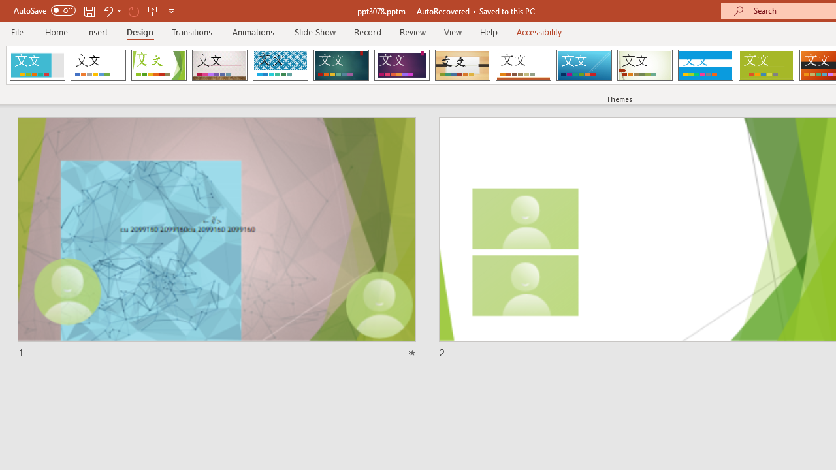  Describe the element at coordinates (219, 65) in the screenshot. I see `'Gallery'` at that location.